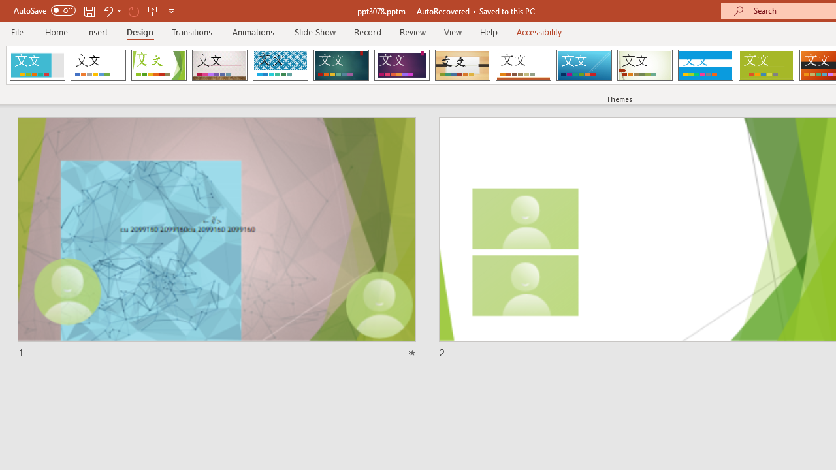  Describe the element at coordinates (219, 65) in the screenshot. I see `'Gallery'` at that location.